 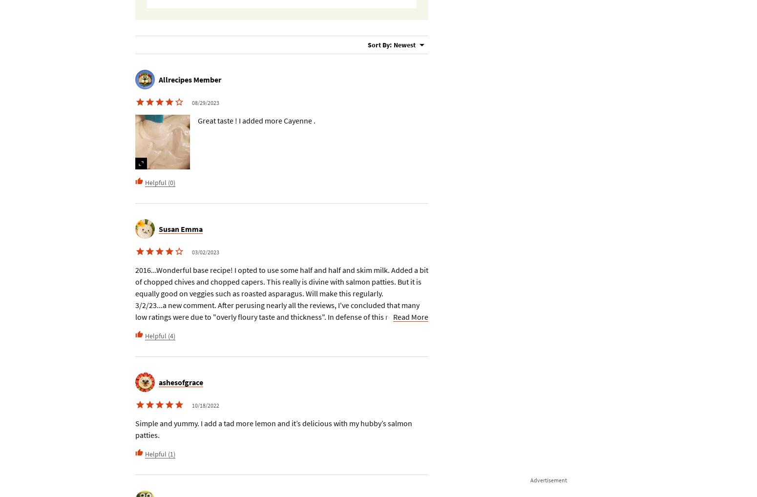 What do you see at coordinates (180, 228) in the screenshot?
I see `'Susan Emma'` at bounding box center [180, 228].